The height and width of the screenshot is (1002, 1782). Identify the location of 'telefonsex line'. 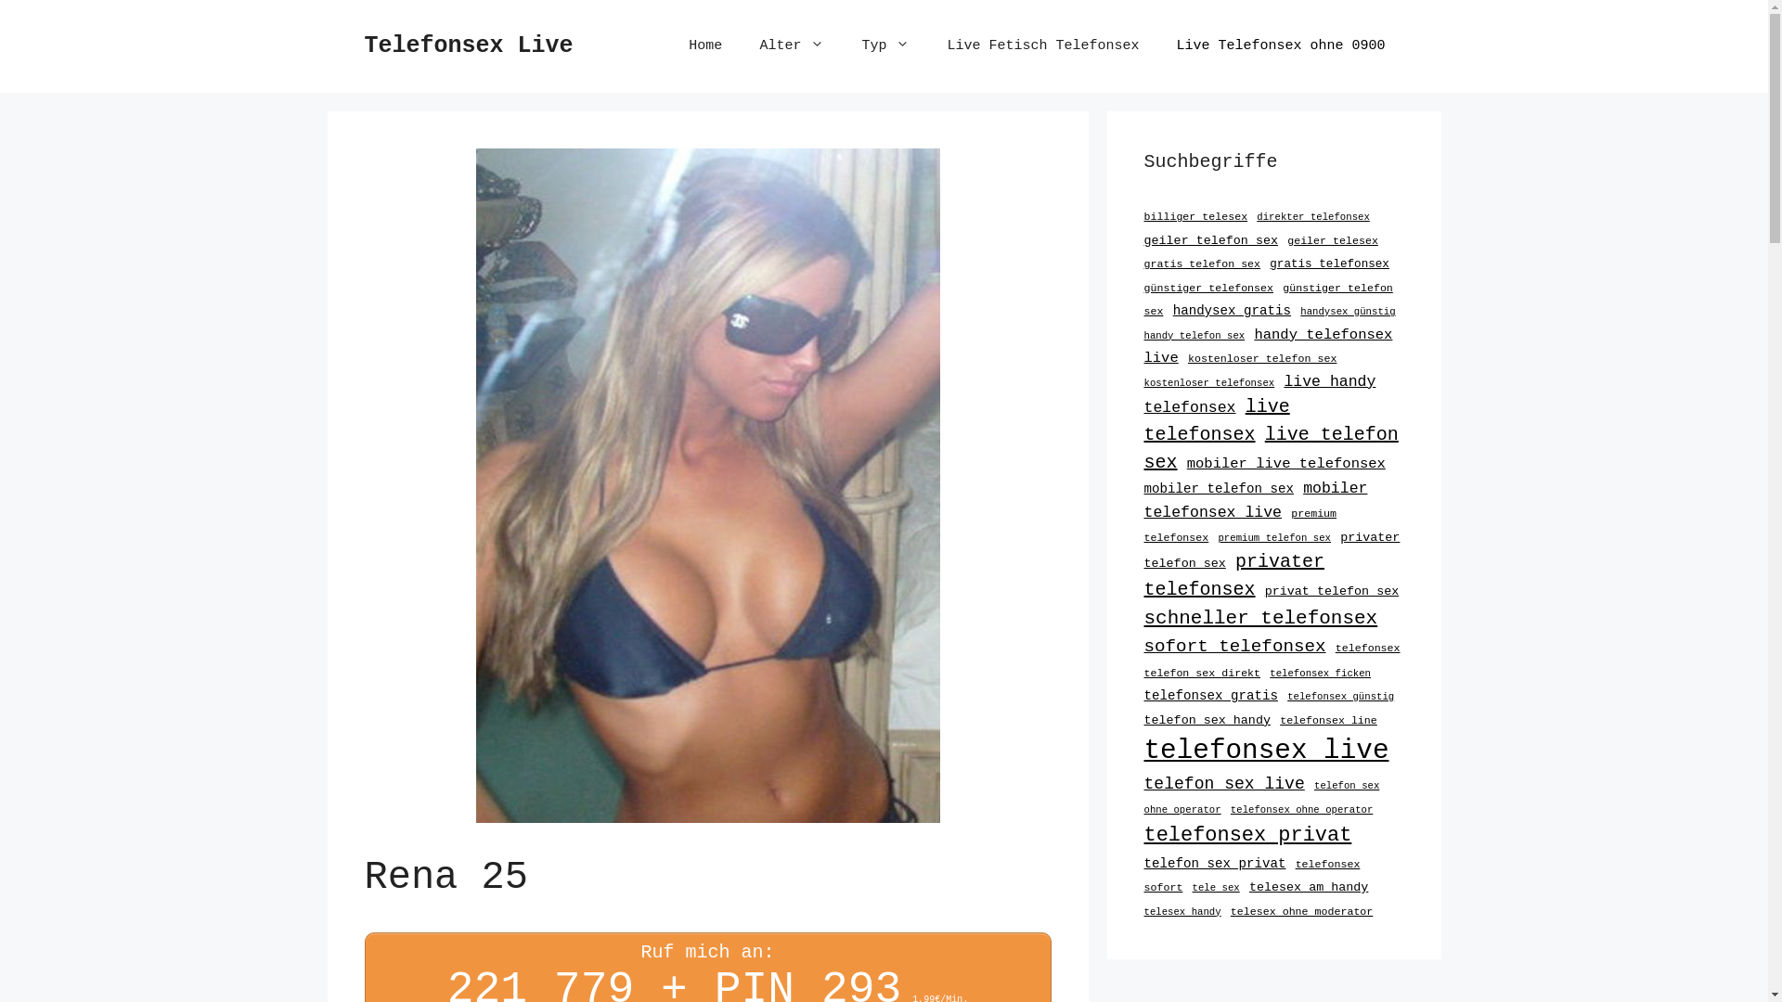
(1327, 719).